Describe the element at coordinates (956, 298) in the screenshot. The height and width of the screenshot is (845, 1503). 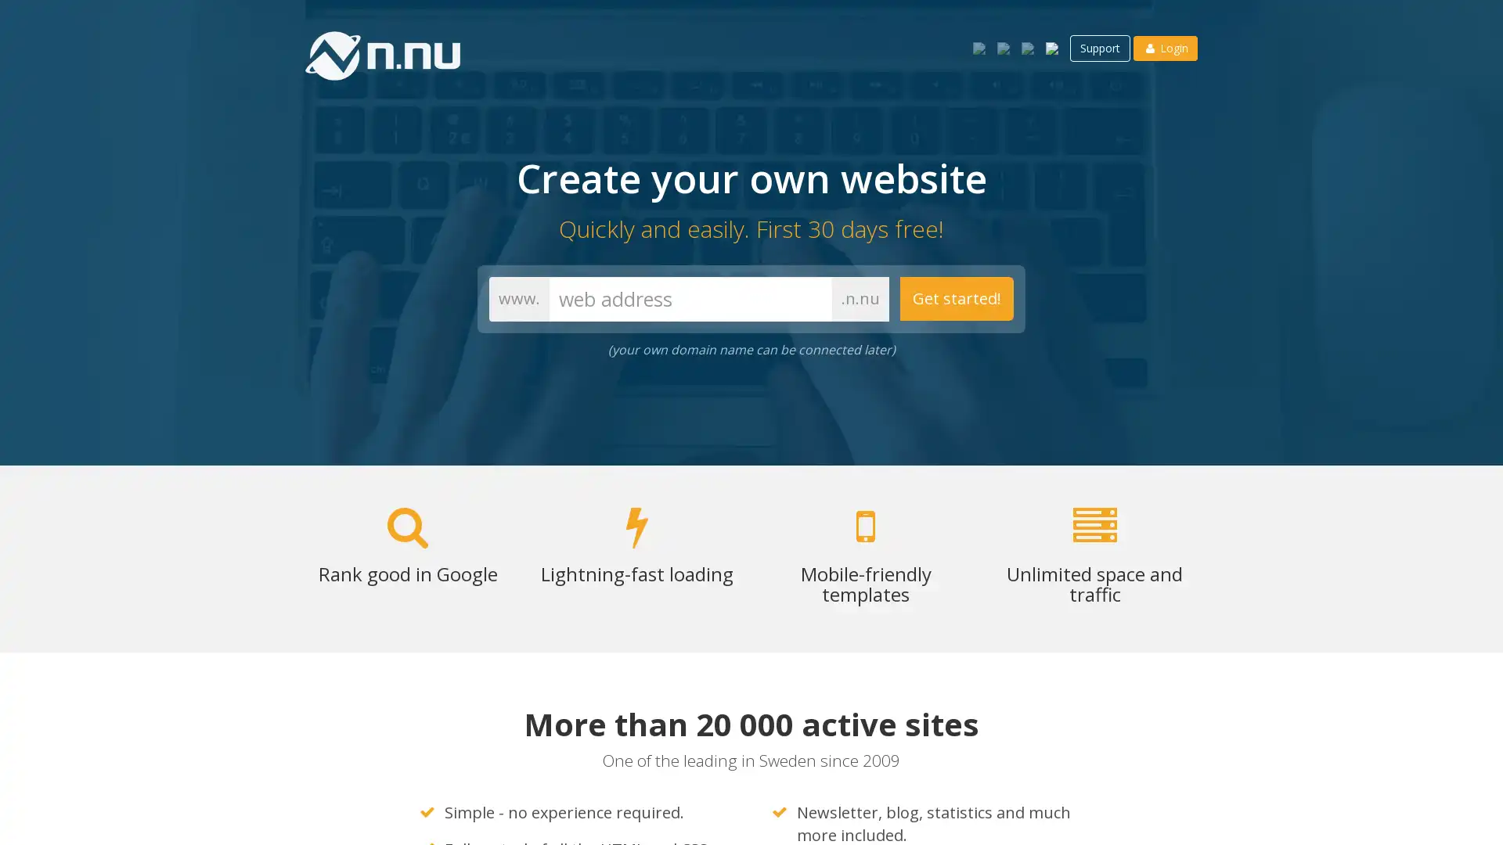
I see `Get started!` at that location.